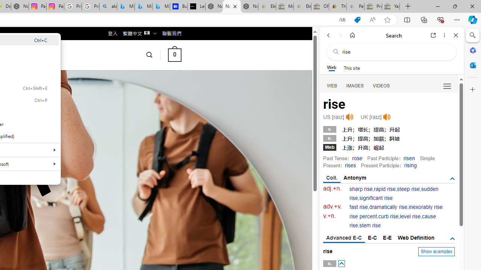 The height and width of the screenshot is (270, 481). I want to click on 'Antonym', so click(355, 178).